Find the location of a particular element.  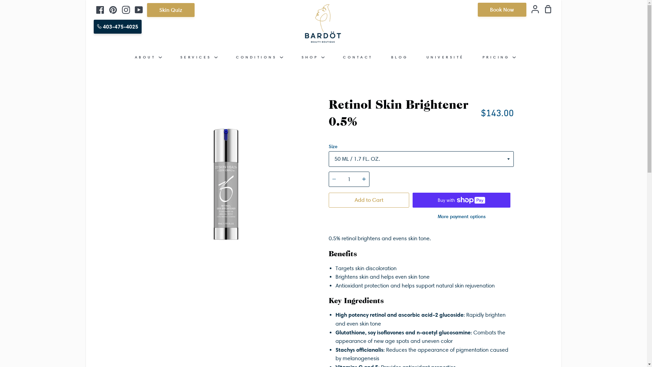

'CONTACT' is located at coordinates (358, 57).